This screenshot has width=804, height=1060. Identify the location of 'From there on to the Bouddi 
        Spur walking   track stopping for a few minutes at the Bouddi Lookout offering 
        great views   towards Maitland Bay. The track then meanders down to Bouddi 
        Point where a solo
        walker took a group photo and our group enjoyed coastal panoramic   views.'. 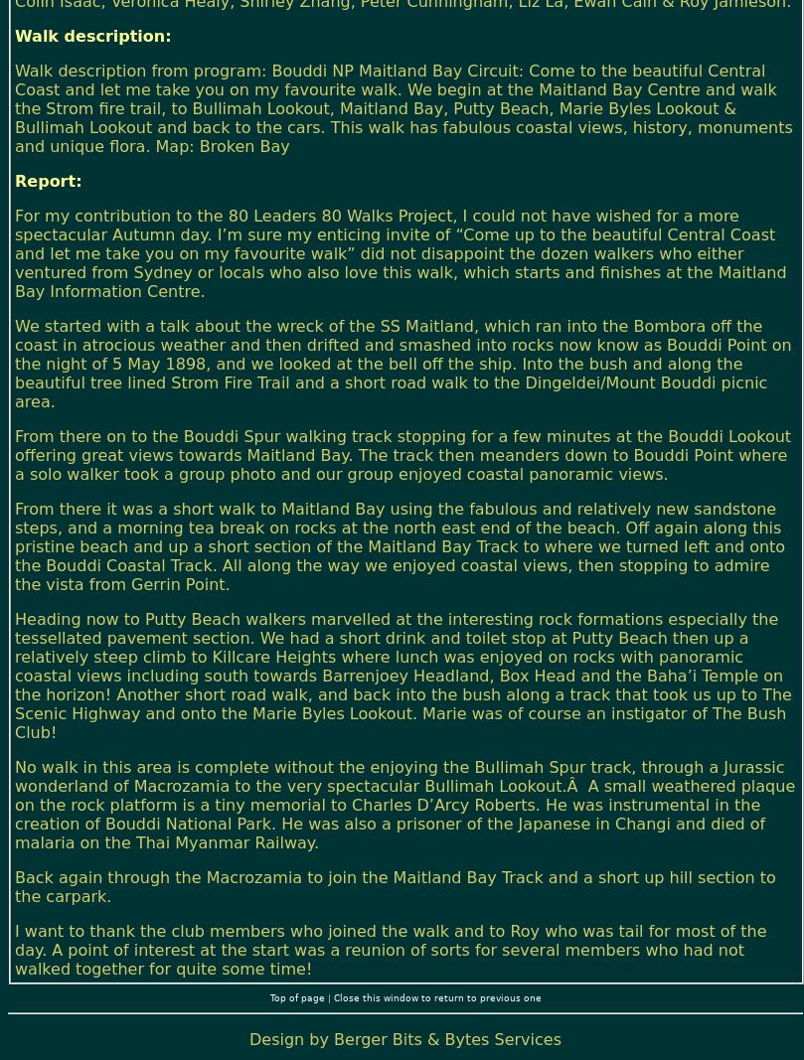
(14, 453).